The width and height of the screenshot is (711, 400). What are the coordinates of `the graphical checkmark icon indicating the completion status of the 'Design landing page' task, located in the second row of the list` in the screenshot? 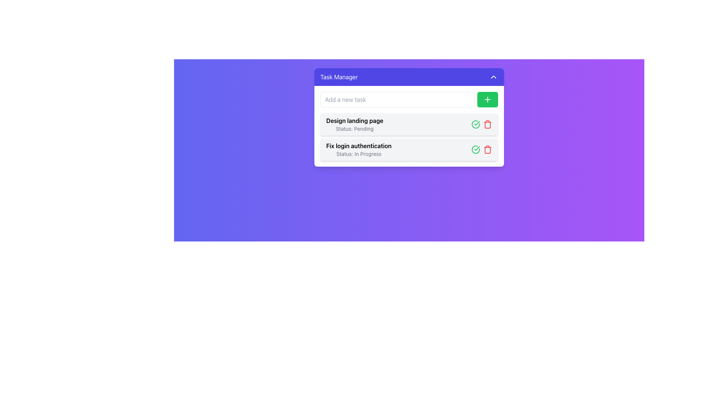 It's located at (477, 149).